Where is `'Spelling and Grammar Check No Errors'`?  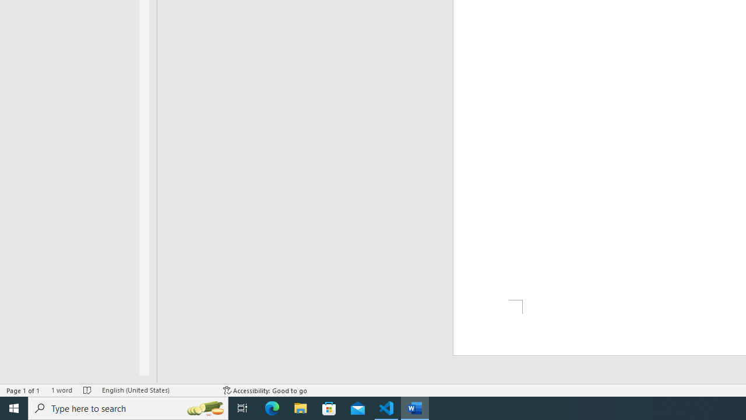 'Spelling and Grammar Check No Errors' is located at coordinates (87, 390).